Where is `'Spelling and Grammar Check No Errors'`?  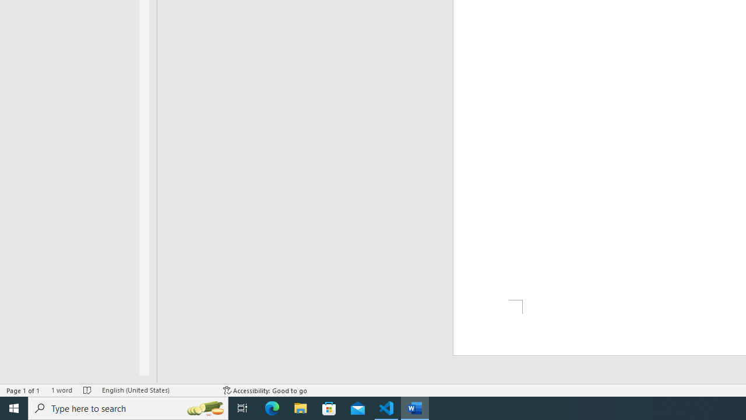 'Spelling and Grammar Check No Errors' is located at coordinates (87, 390).